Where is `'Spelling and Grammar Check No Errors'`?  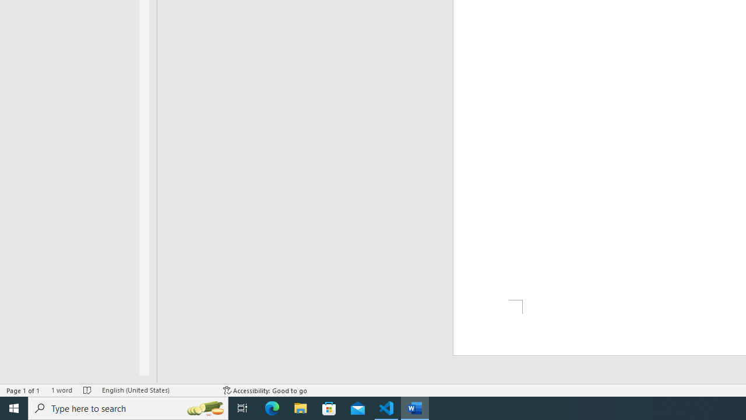 'Spelling and Grammar Check No Errors' is located at coordinates (87, 390).